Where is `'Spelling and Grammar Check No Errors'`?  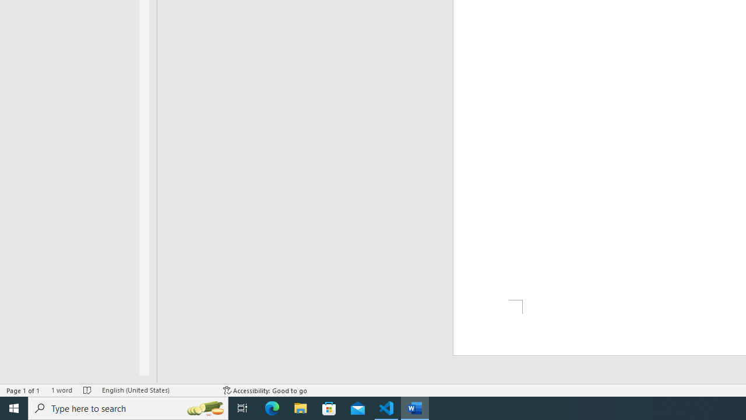 'Spelling and Grammar Check No Errors' is located at coordinates (87, 390).